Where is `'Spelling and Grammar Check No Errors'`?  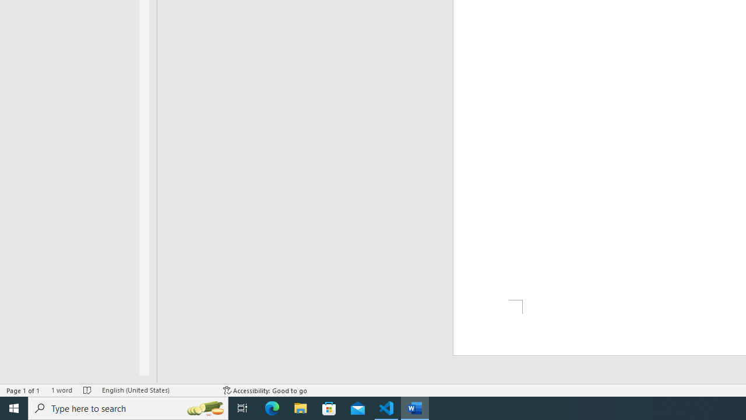 'Spelling and Grammar Check No Errors' is located at coordinates (87, 390).